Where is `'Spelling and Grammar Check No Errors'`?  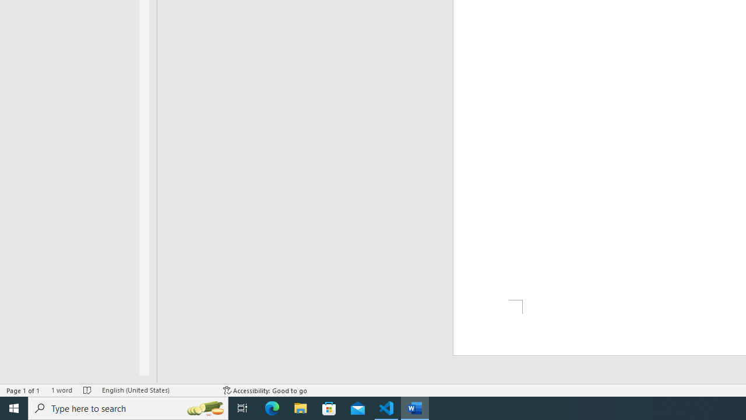 'Spelling and Grammar Check No Errors' is located at coordinates (87, 390).